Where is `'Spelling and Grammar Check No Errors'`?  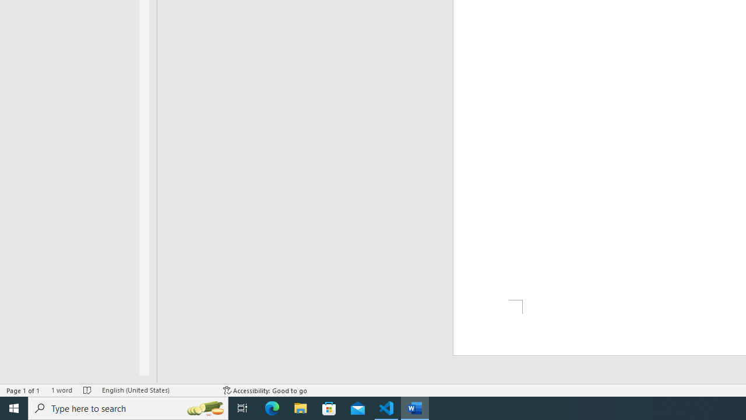 'Spelling and Grammar Check No Errors' is located at coordinates (87, 390).